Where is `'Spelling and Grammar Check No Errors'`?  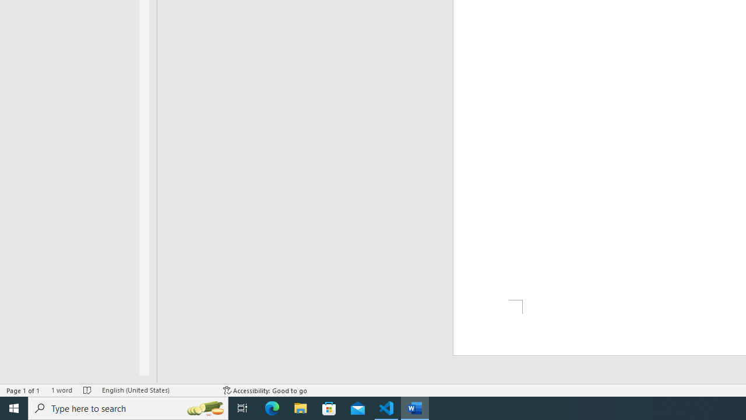 'Spelling and Grammar Check No Errors' is located at coordinates (87, 390).